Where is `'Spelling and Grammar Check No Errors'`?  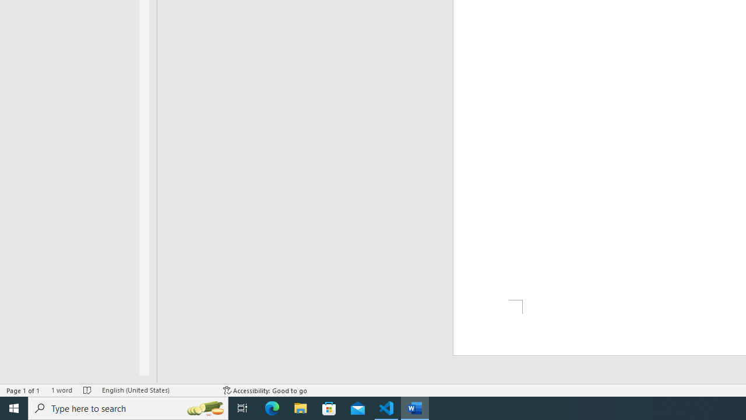 'Spelling and Grammar Check No Errors' is located at coordinates (87, 390).